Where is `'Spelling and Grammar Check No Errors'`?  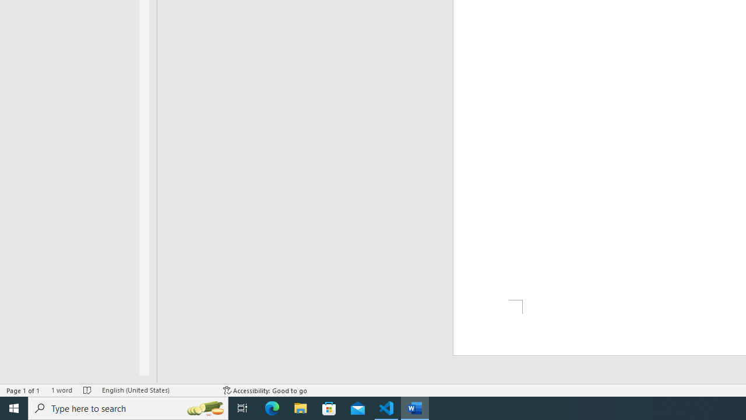 'Spelling and Grammar Check No Errors' is located at coordinates (87, 390).